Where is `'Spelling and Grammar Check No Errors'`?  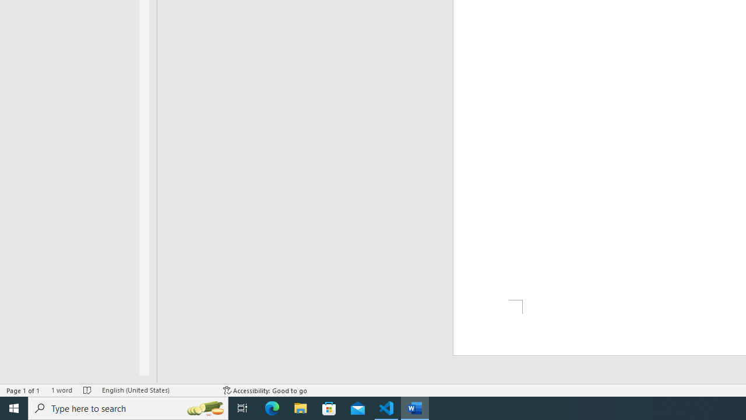 'Spelling and Grammar Check No Errors' is located at coordinates (87, 390).